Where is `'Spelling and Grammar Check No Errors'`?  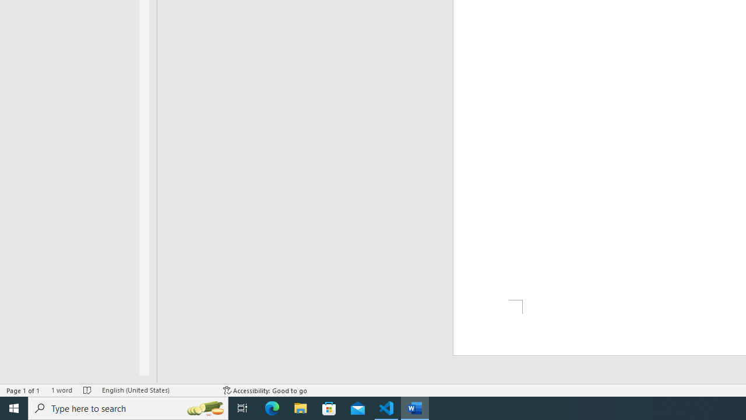 'Spelling and Grammar Check No Errors' is located at coordinates (87, 390).